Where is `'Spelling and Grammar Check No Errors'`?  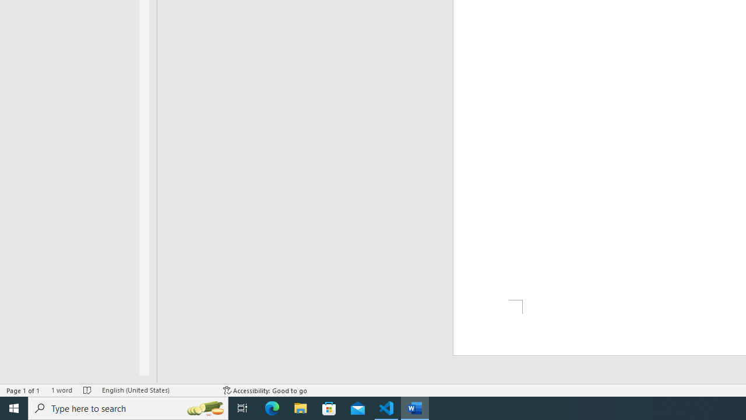 'Spelling and Grammar Check No Errors' is located at coordinates (87, 390).